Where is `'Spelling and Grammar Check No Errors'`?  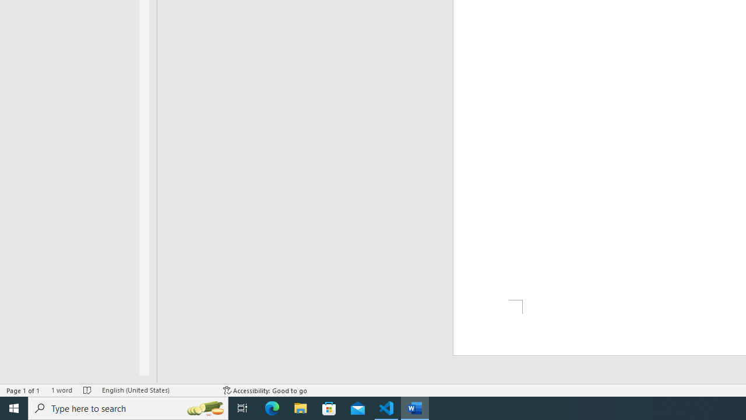 'Spelling and Grammar Check No Errors' is located at coordinates (87, 390).